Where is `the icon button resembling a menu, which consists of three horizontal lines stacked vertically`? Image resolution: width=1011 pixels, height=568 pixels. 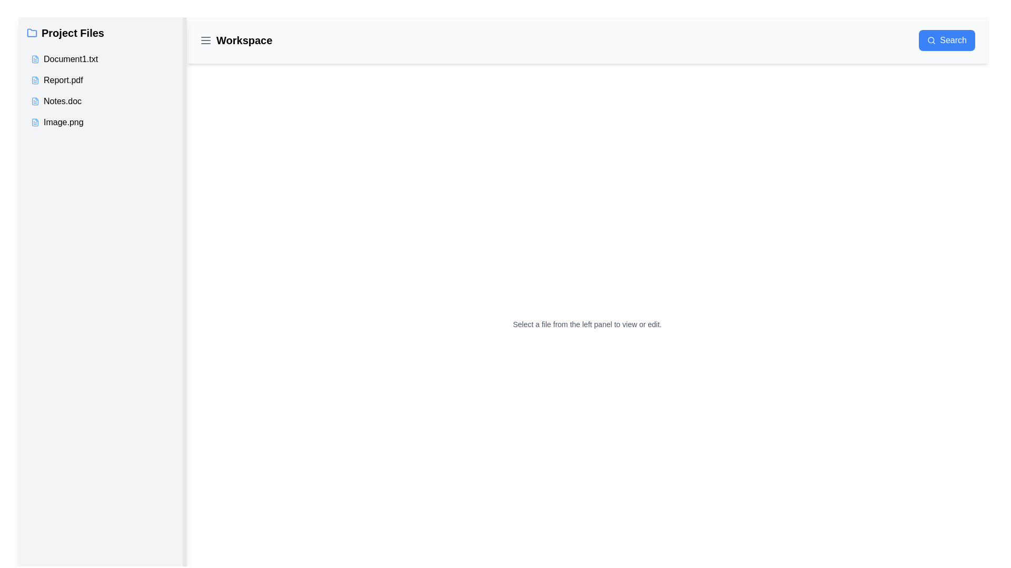
the icon button resembling a menu, which consists of three horizontal lines stacked vertically is located at coordinates (205, 40).